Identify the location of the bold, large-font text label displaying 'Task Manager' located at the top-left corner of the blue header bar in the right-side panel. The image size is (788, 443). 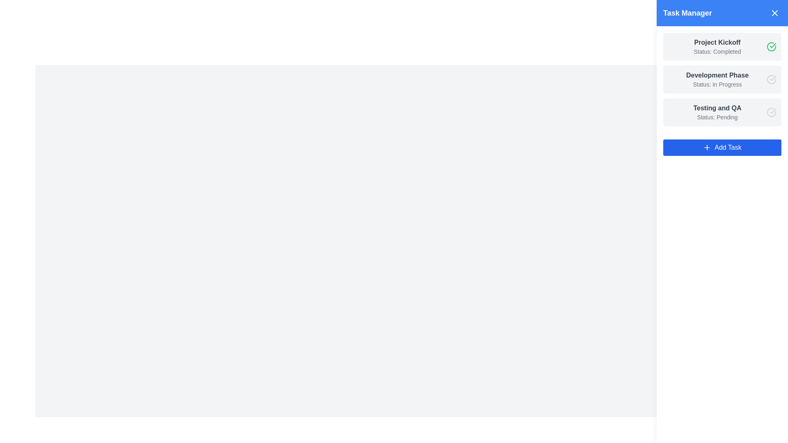
(687, 13).